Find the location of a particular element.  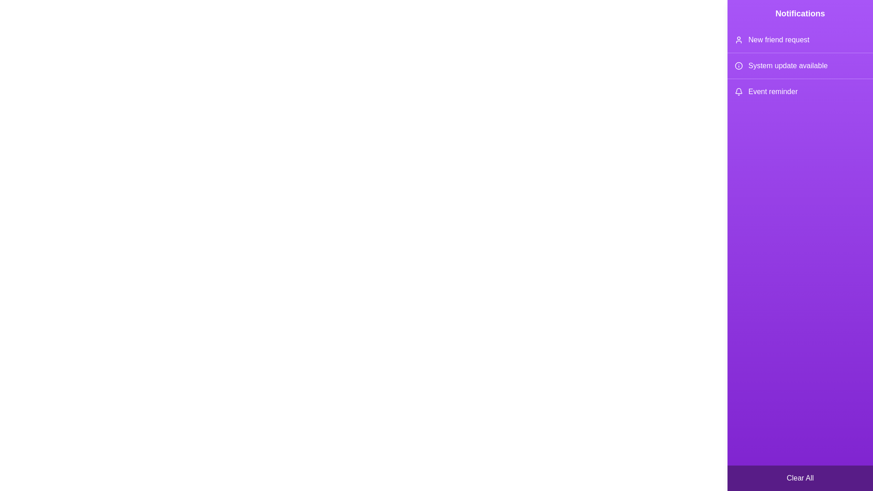

toggle button to toggle the visibility of the notification drawer is located at coordinates (855, 17).